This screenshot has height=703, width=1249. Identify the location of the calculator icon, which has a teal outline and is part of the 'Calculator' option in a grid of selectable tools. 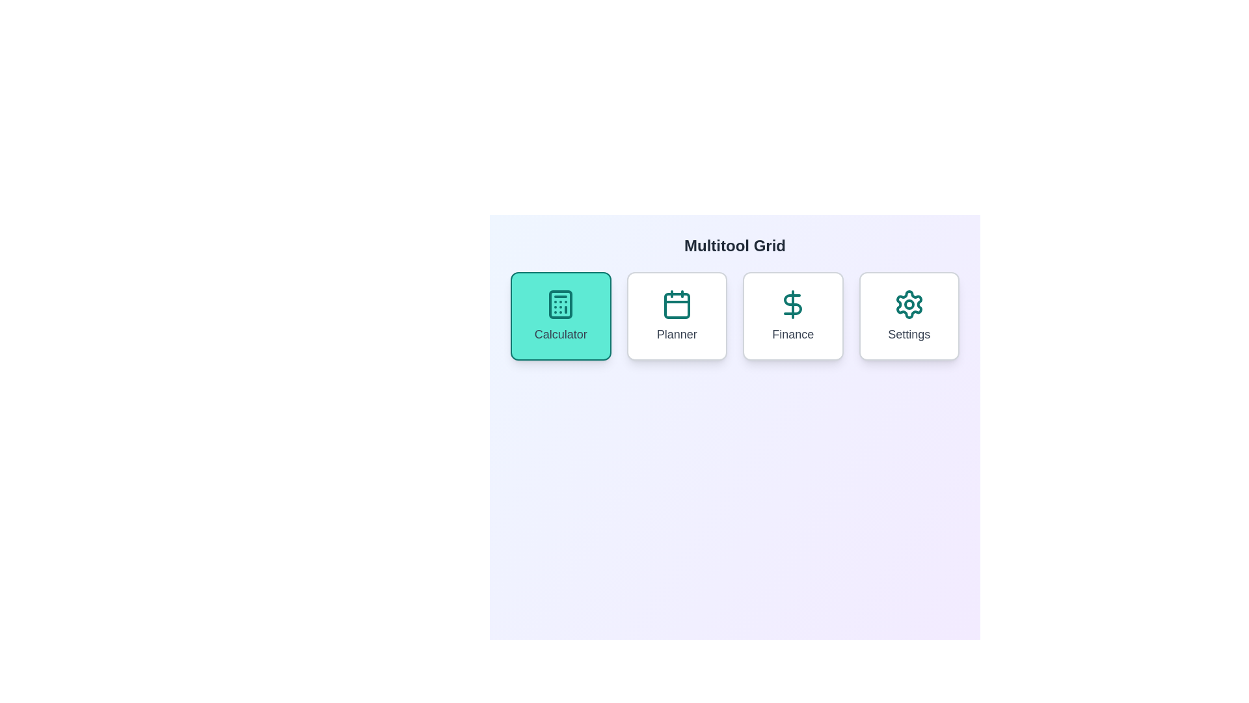
(561, 304).